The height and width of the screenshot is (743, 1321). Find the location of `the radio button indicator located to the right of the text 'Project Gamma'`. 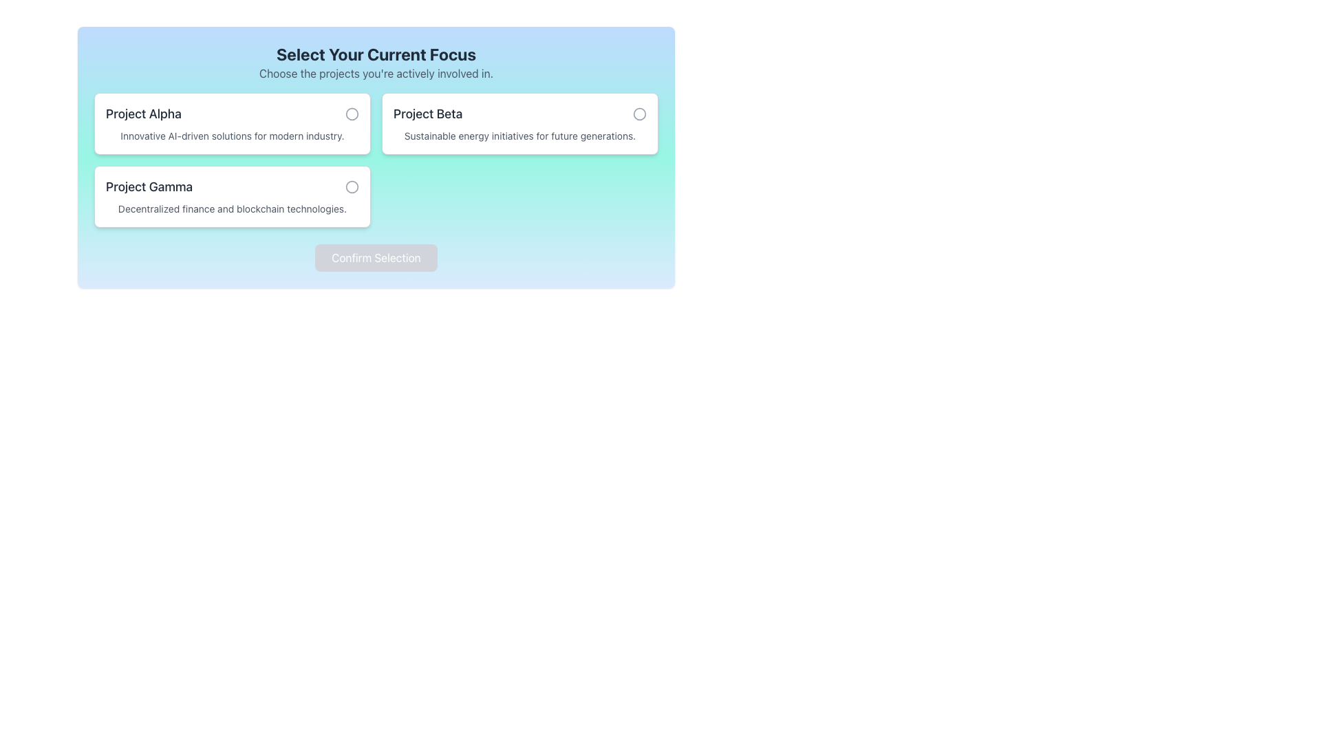

the radio button indicator located to the right of the text 'Project Gamma' is located at coordinates (352, 187).